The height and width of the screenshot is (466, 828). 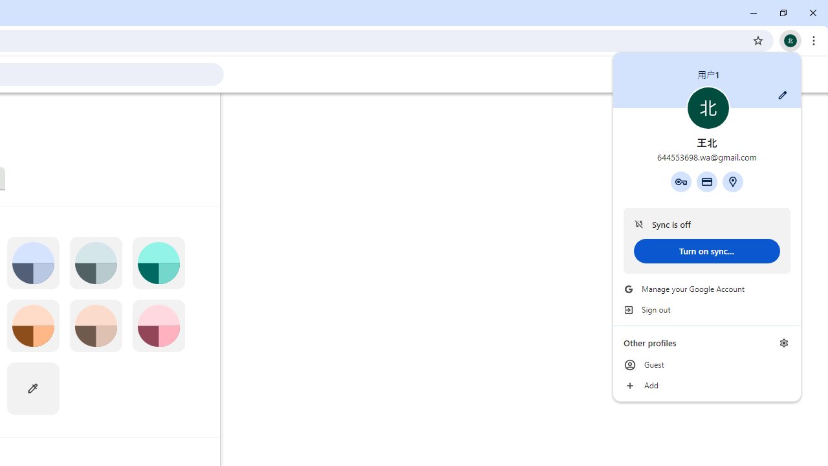 What do you see at coordinates (706, 181) in the screenshot?
I see `'Payment methods'` at bounding box center [706, 181].